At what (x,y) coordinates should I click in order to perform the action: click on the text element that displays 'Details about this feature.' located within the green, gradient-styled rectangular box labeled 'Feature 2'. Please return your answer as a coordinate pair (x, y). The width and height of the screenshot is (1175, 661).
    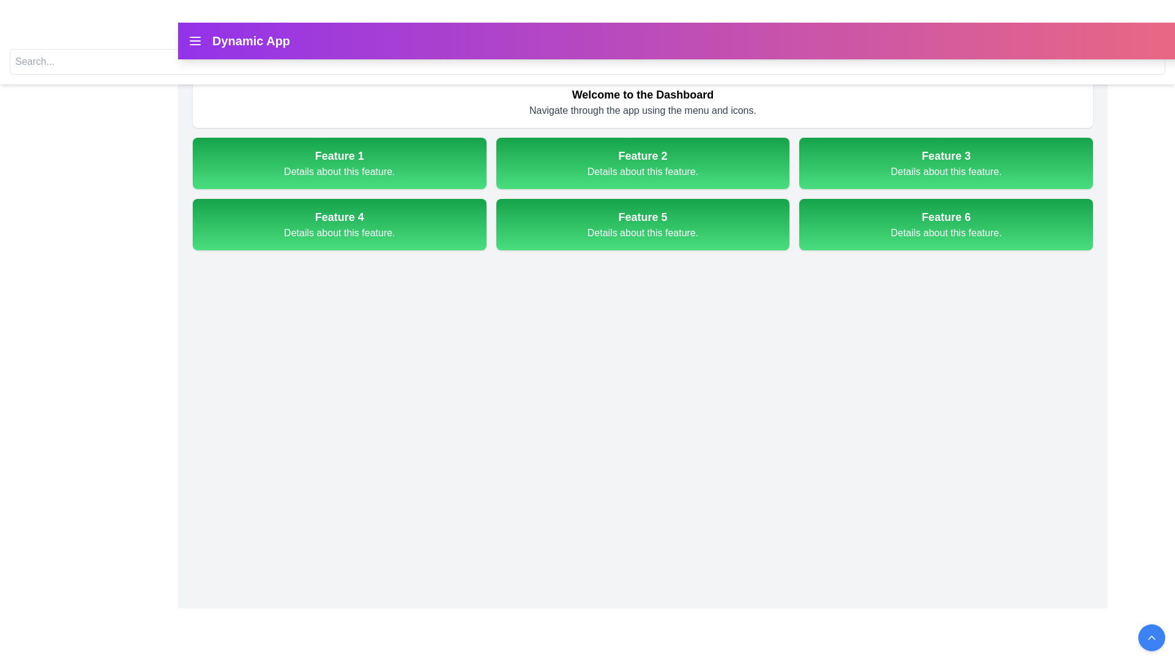
    Looking at the image, I should click on (642, 172).